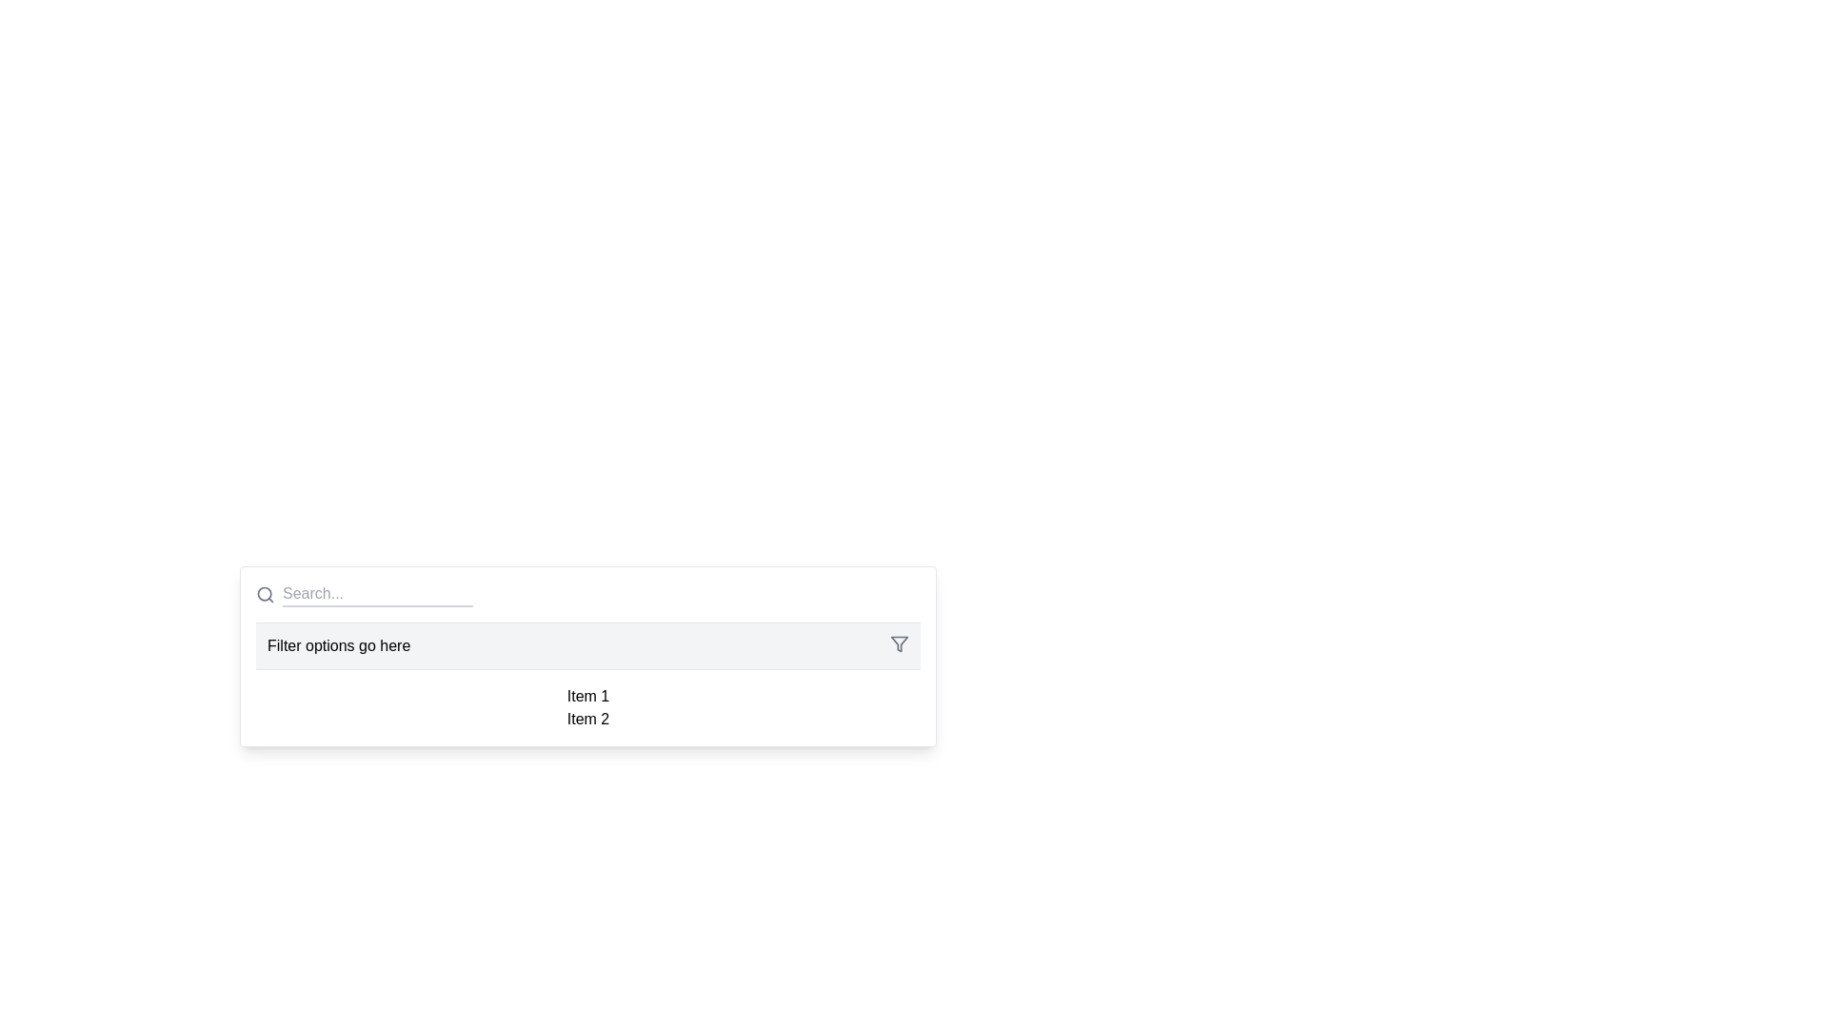  I want to click on the SVG circle element that represents the lens of the magnifying glass icon preceding the 'Search...' input field, so click(264, 593).